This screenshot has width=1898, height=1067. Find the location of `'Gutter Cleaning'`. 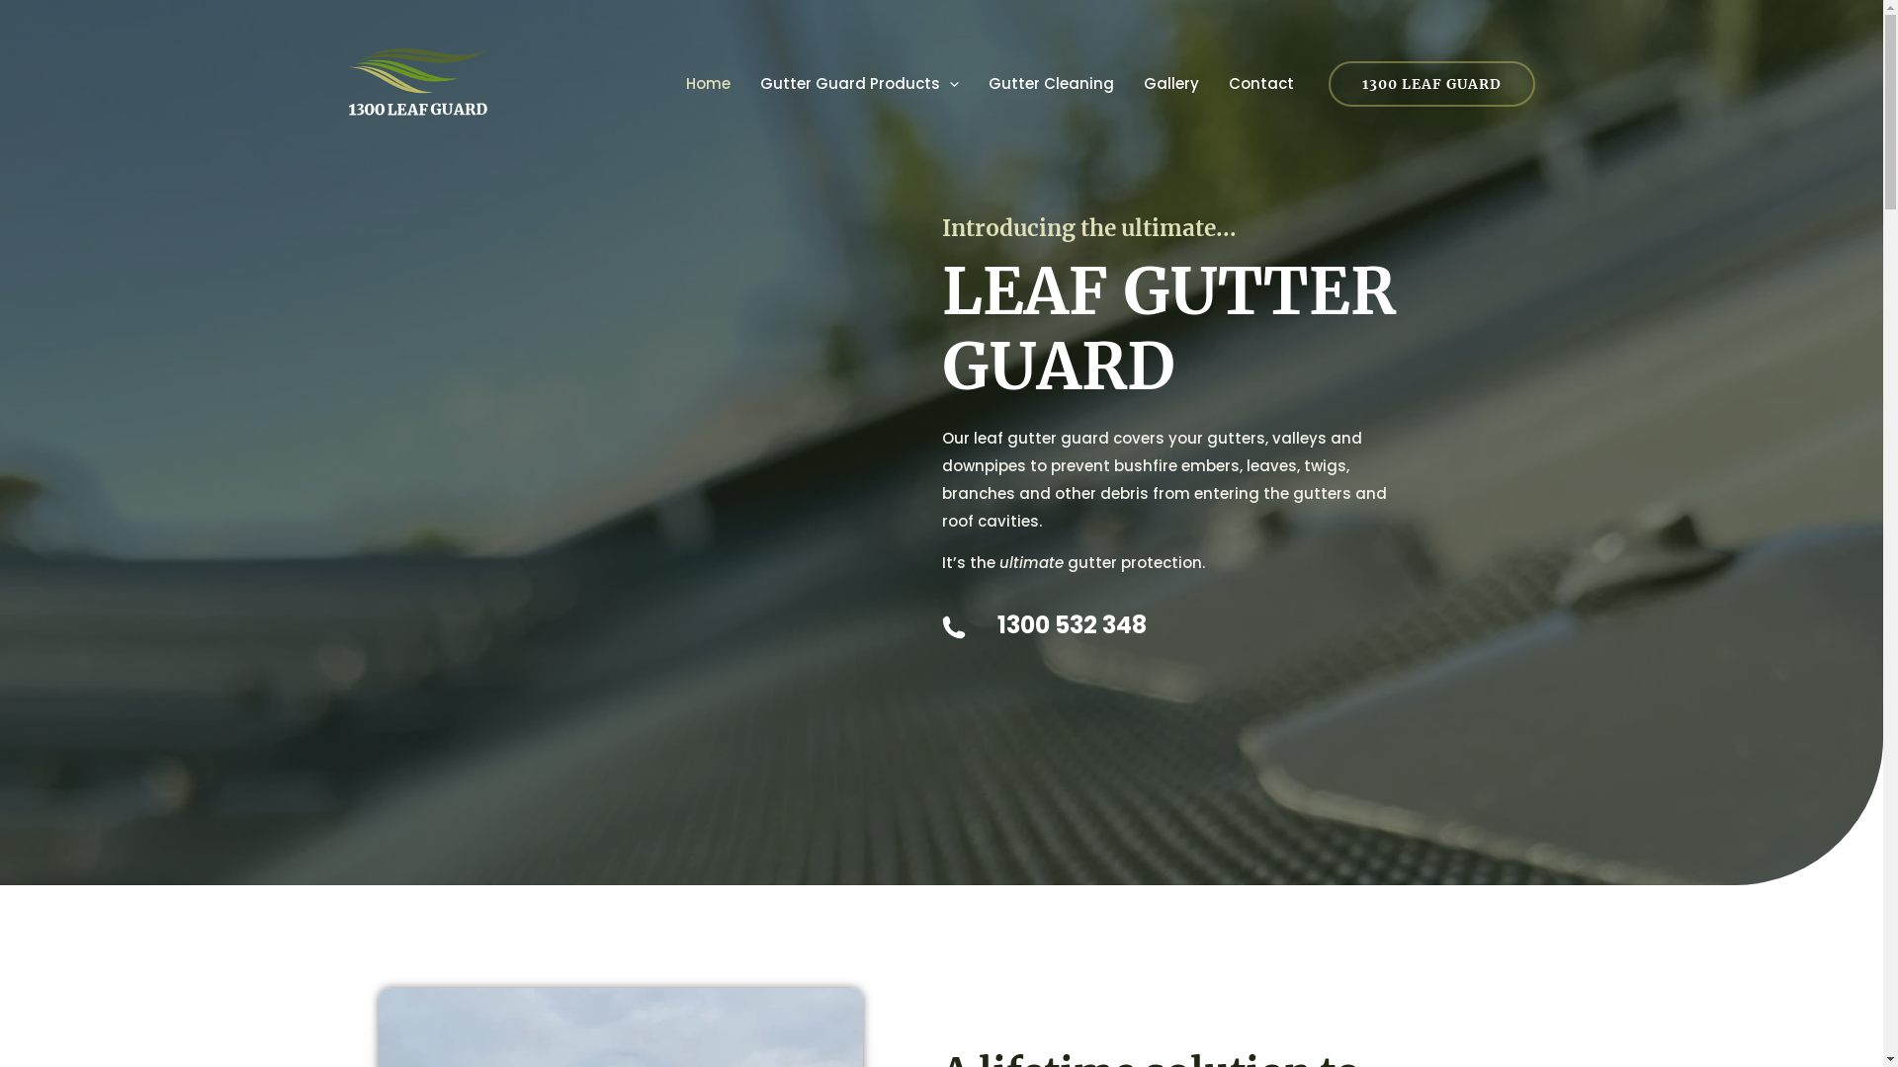

'Gutter Cleaning' is located at coordinates (1049, 82).